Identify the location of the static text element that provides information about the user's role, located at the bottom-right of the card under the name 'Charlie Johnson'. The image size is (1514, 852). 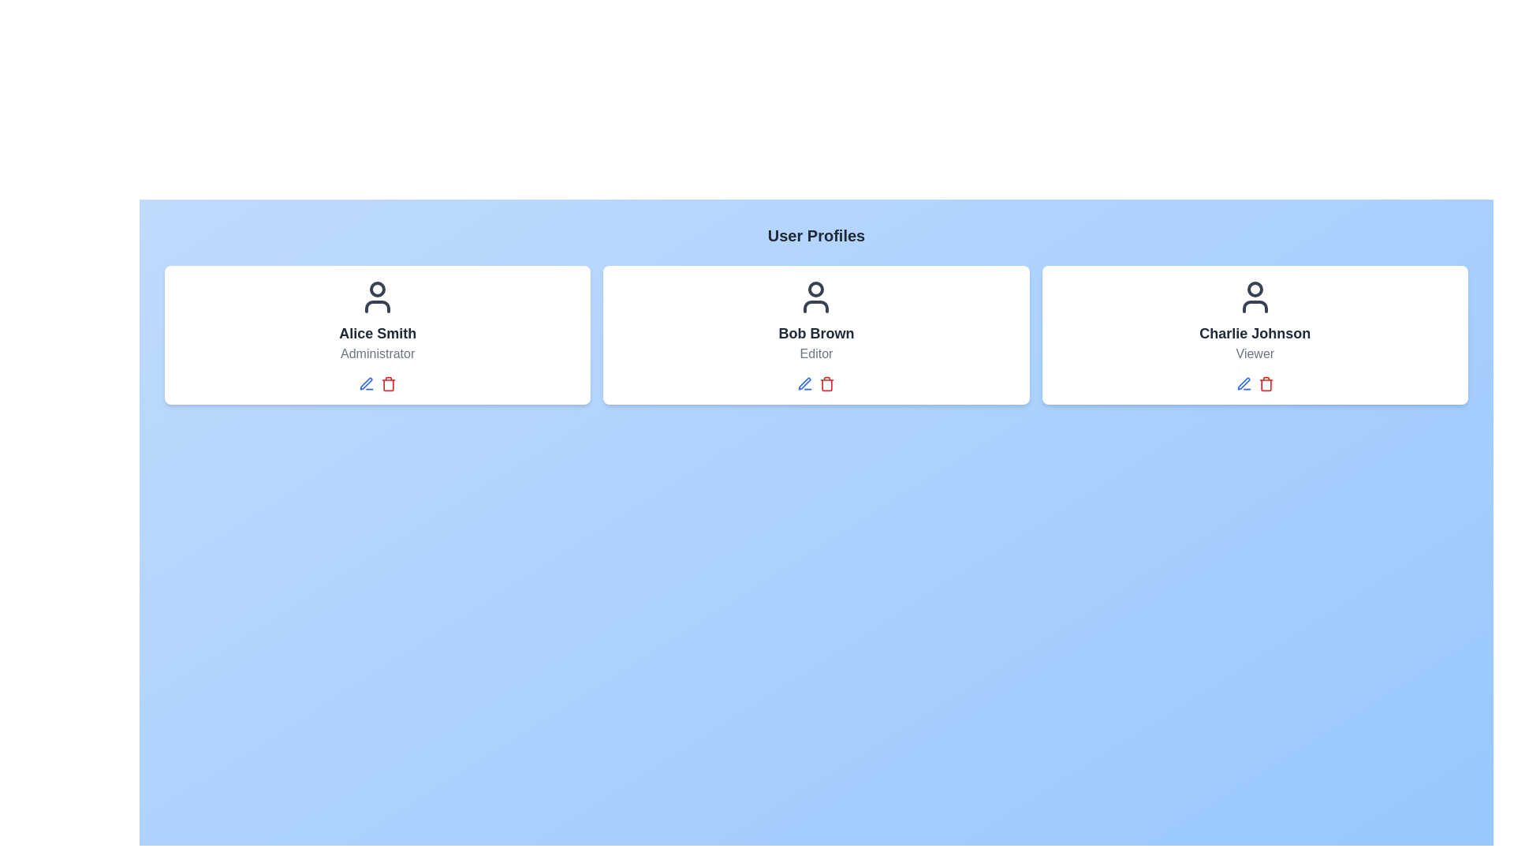
(1254, 353).